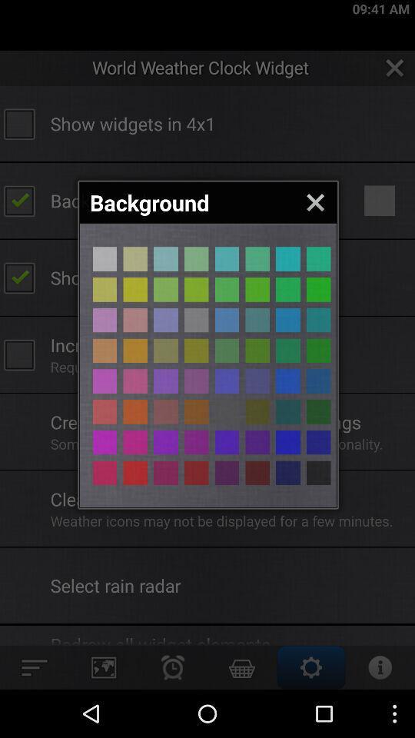 Image resolution: width=415 pixels, height=738 pixels. What do you see at coordinates (135, 381) in the screenshot?
I see `background color selection` at bounding box center [135, 381].